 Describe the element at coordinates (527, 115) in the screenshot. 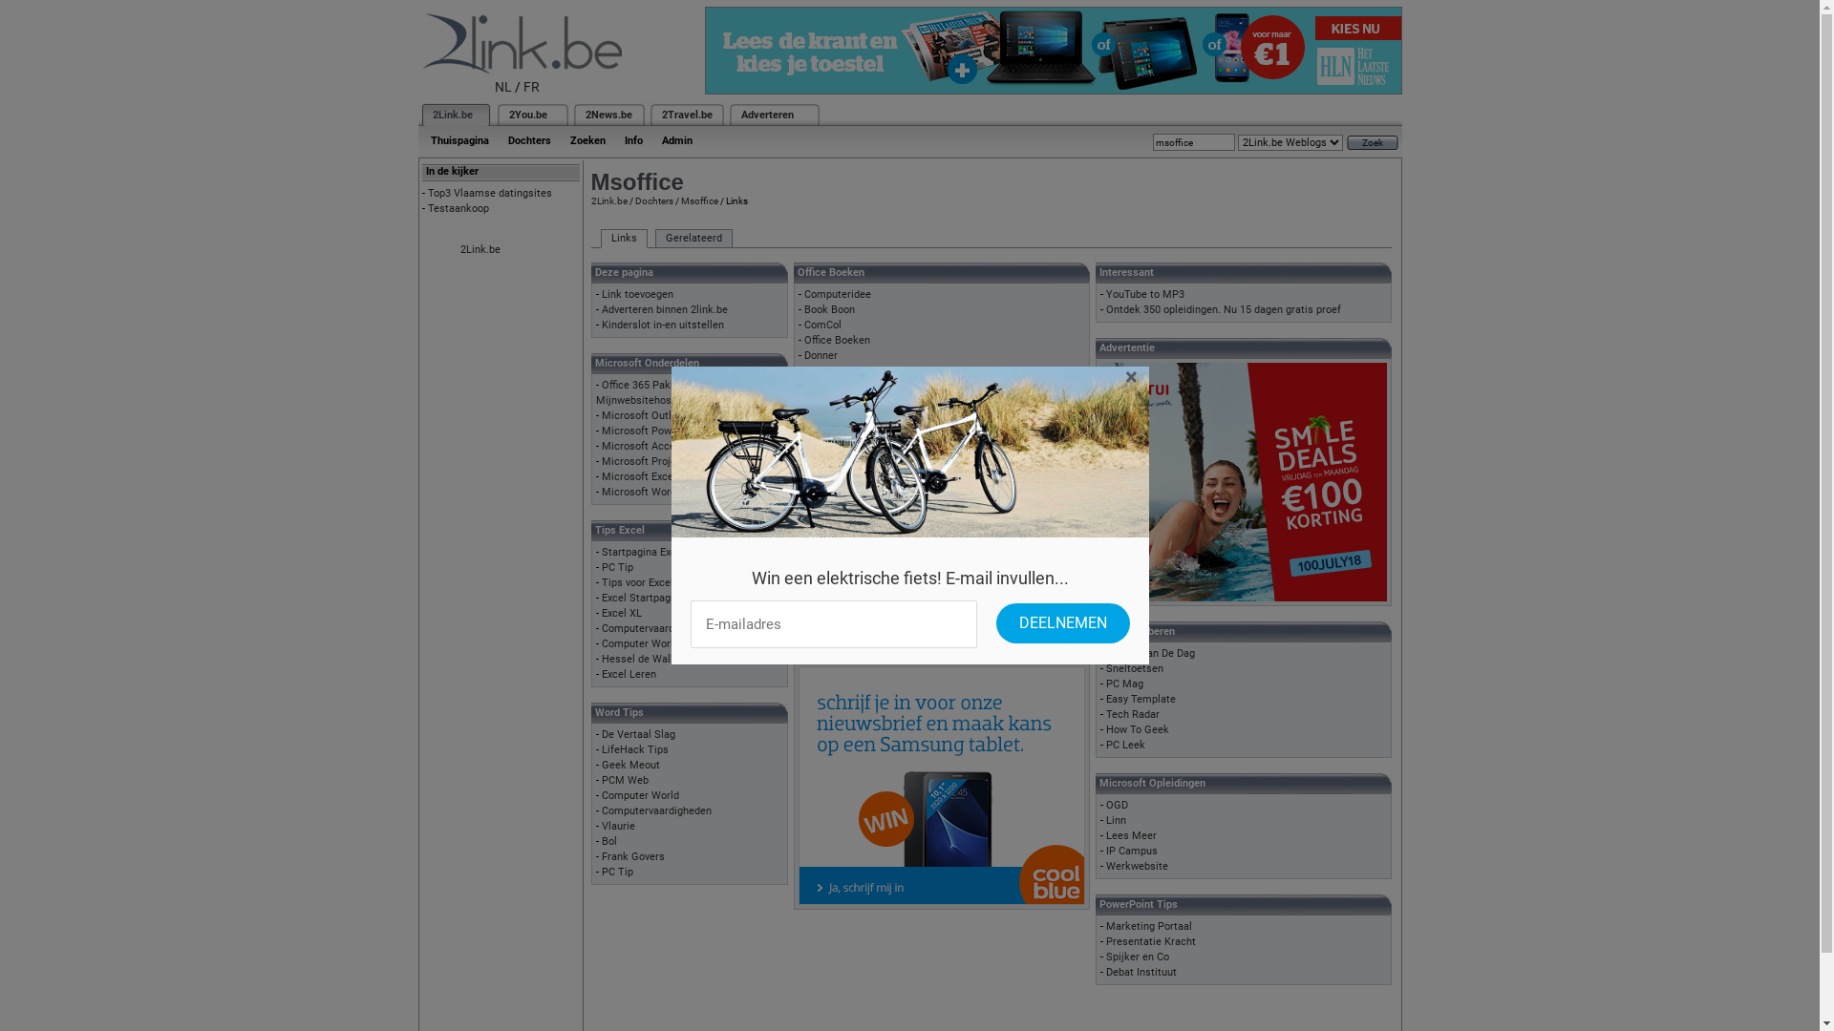

I see `'2You.be'` at that location.